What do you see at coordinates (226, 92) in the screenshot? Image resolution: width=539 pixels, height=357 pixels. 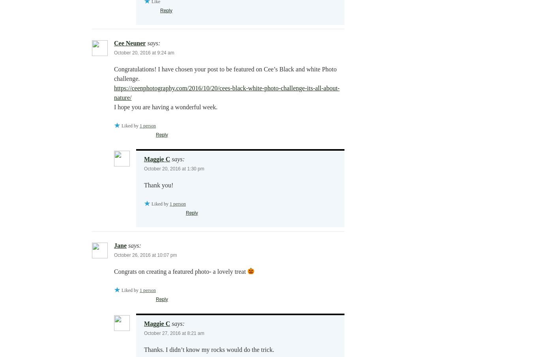 I see `'https://ceenphotography.com/2016/10/20/cees-black-white-photo-challenge-its-all-about-nature/'` at bounding box center [226, 92].